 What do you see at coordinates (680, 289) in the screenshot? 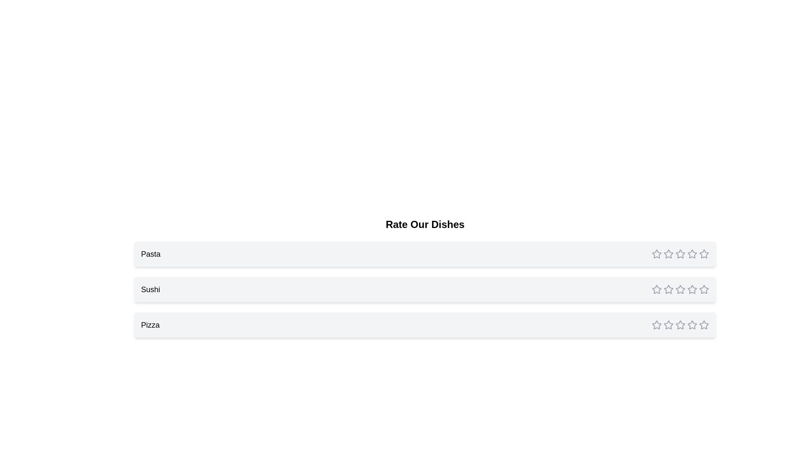
I see `the Rating component for the item 'Sushi', located in the second row of the rating section` at bounding box center [680, 289].